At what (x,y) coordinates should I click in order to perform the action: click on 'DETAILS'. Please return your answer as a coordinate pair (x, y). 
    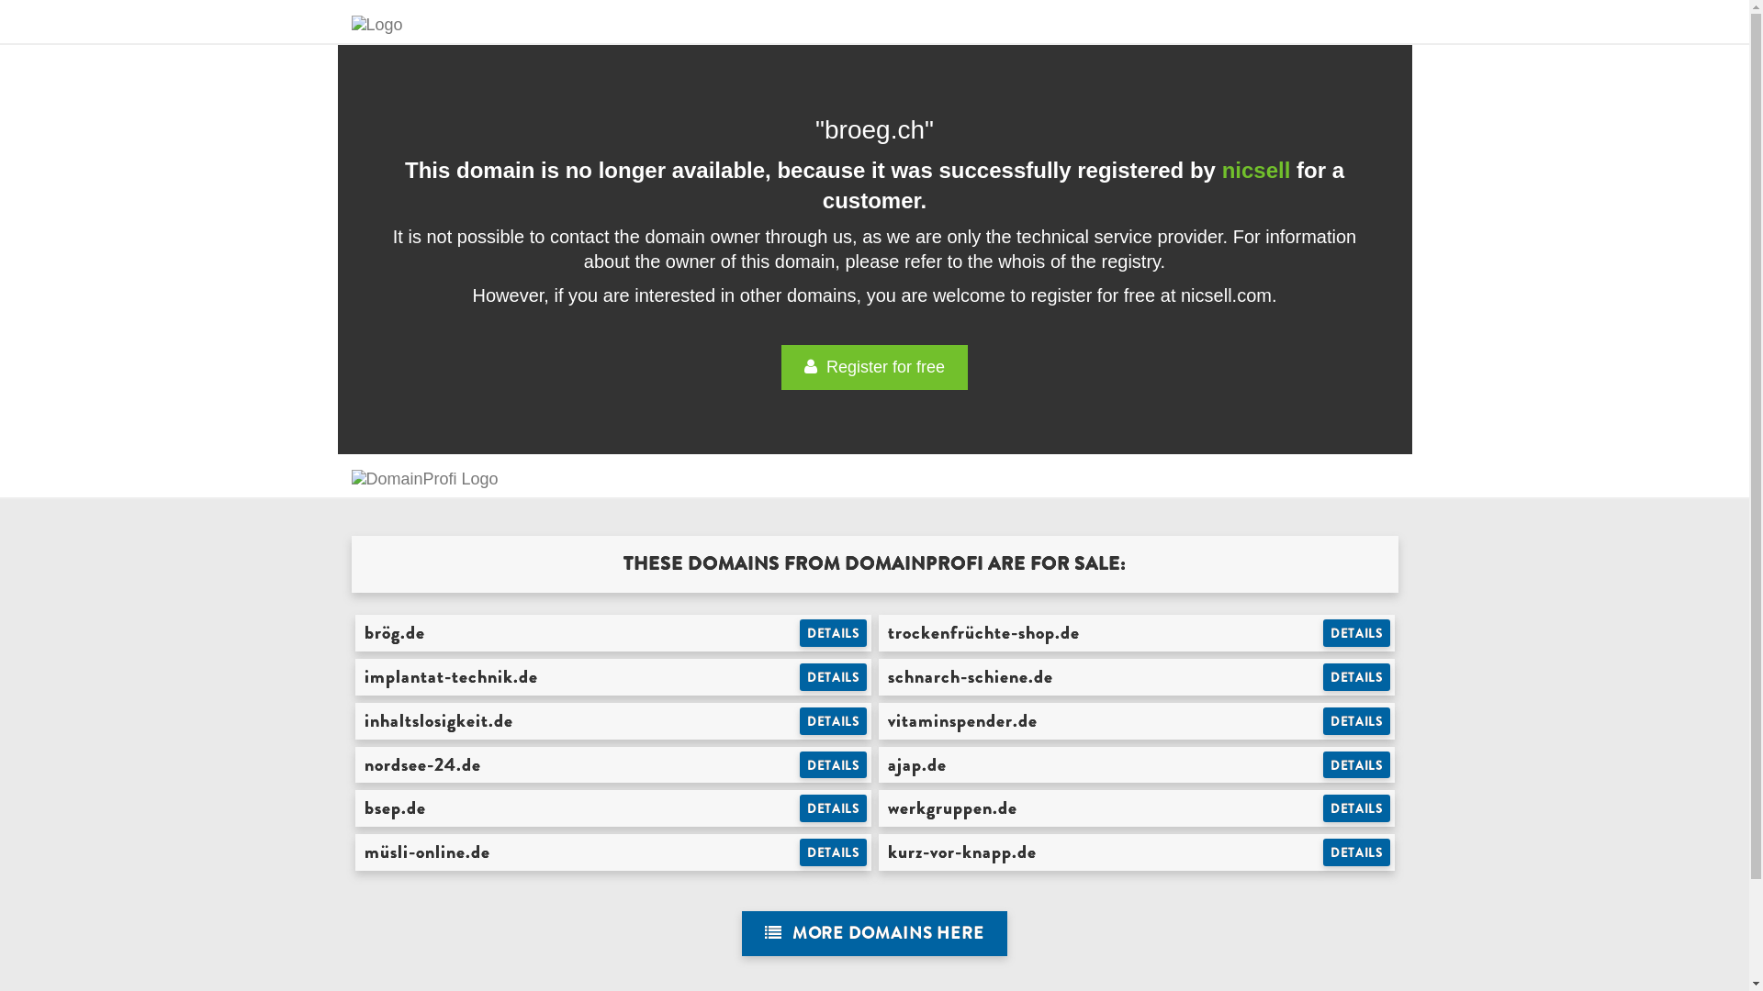
    Looking at the image, I should click on (1356, 676).